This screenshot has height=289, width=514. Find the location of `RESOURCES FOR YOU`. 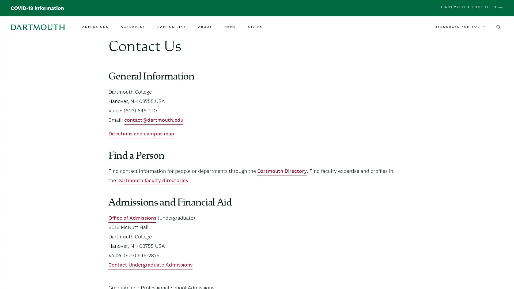

RESOURCES FOR YOU is located at coordinates (460, 27).